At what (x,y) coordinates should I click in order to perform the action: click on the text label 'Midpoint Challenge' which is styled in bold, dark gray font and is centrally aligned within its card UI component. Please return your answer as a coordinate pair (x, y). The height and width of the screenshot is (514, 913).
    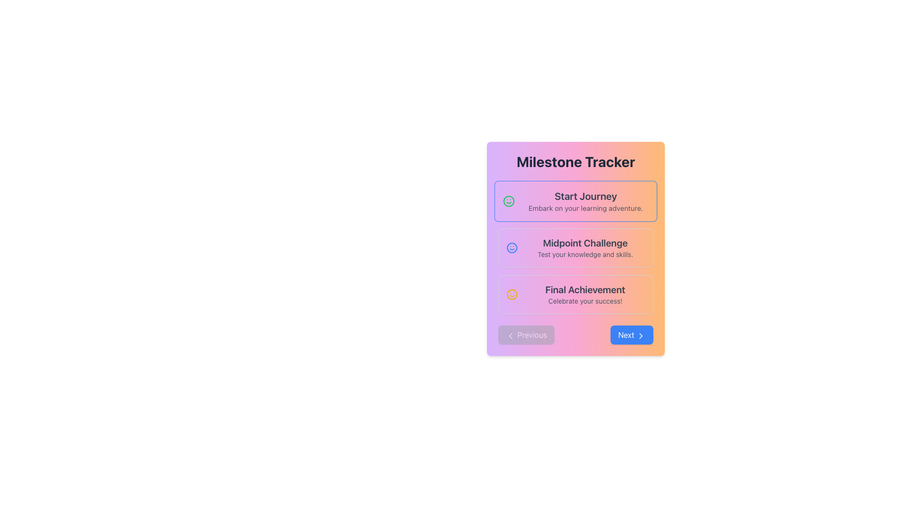
    Looking at the image, I should click on (584, 242).